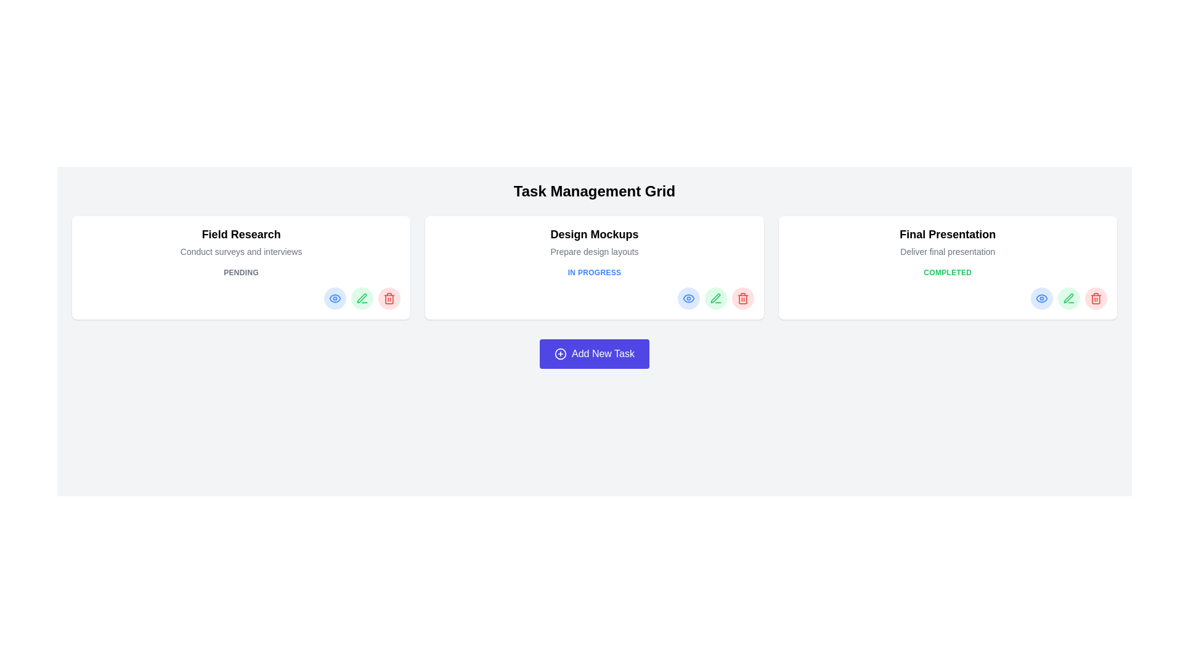 This screenshot has width=1183, height=665. What do you see at coordinates (389, 299) in the screenshot?
I see `the small circular red button with a trash can icon at the bottom-right corner of the 'Field Research' card` at bounding box center [389, 299].